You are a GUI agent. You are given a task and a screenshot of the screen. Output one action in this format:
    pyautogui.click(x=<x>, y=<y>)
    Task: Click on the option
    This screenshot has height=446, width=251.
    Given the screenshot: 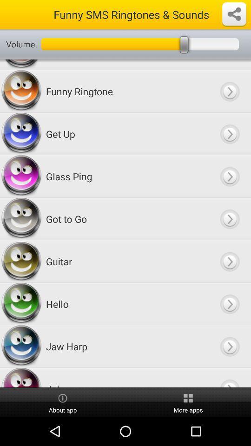 What is the action you would take?
    pyautogui.click(x=229, y=133)
    